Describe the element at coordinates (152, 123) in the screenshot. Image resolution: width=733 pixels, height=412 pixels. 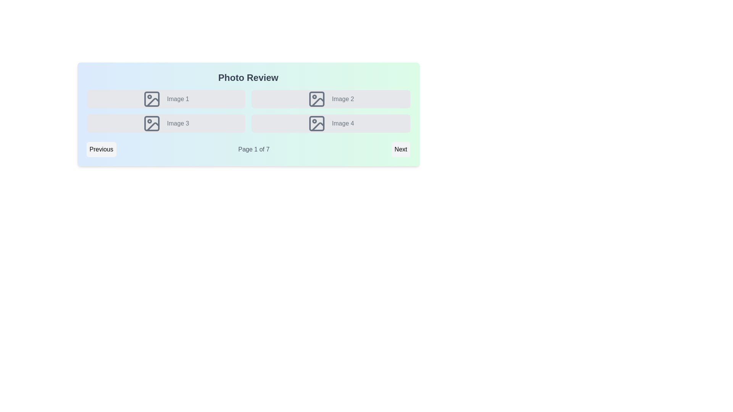
I see `the background shape of the Icon component representing 'Image 3', located in the lower-left area of the layout, specifically in the second row, first column of the grid` at that location.